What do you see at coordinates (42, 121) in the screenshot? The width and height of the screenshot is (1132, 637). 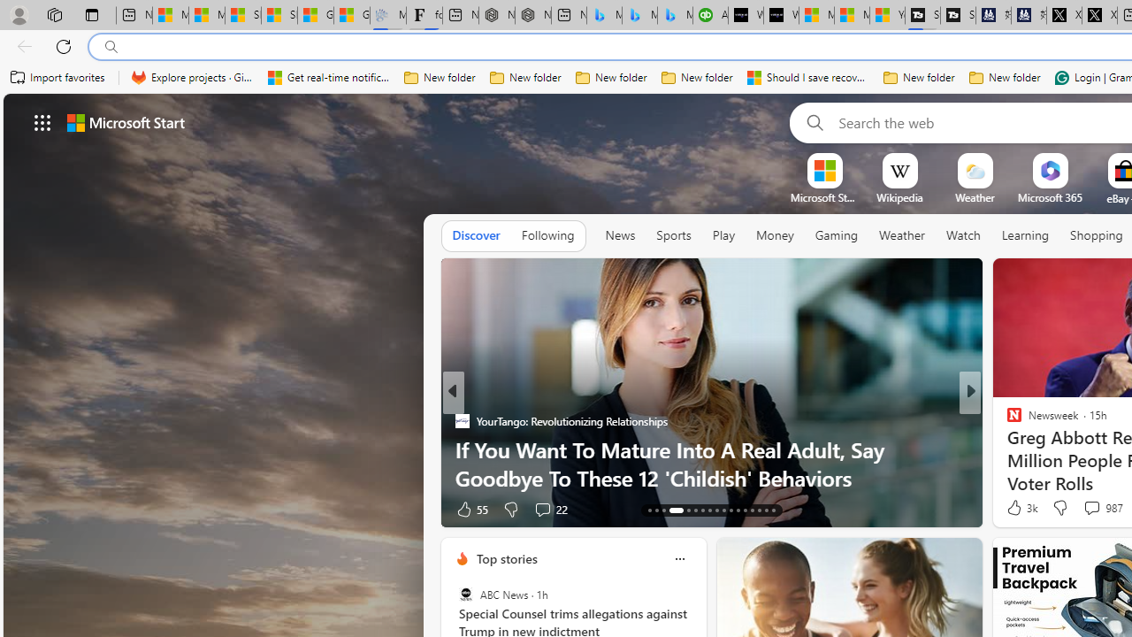 I see `'Class: control'` at bounding box center [42, 121].